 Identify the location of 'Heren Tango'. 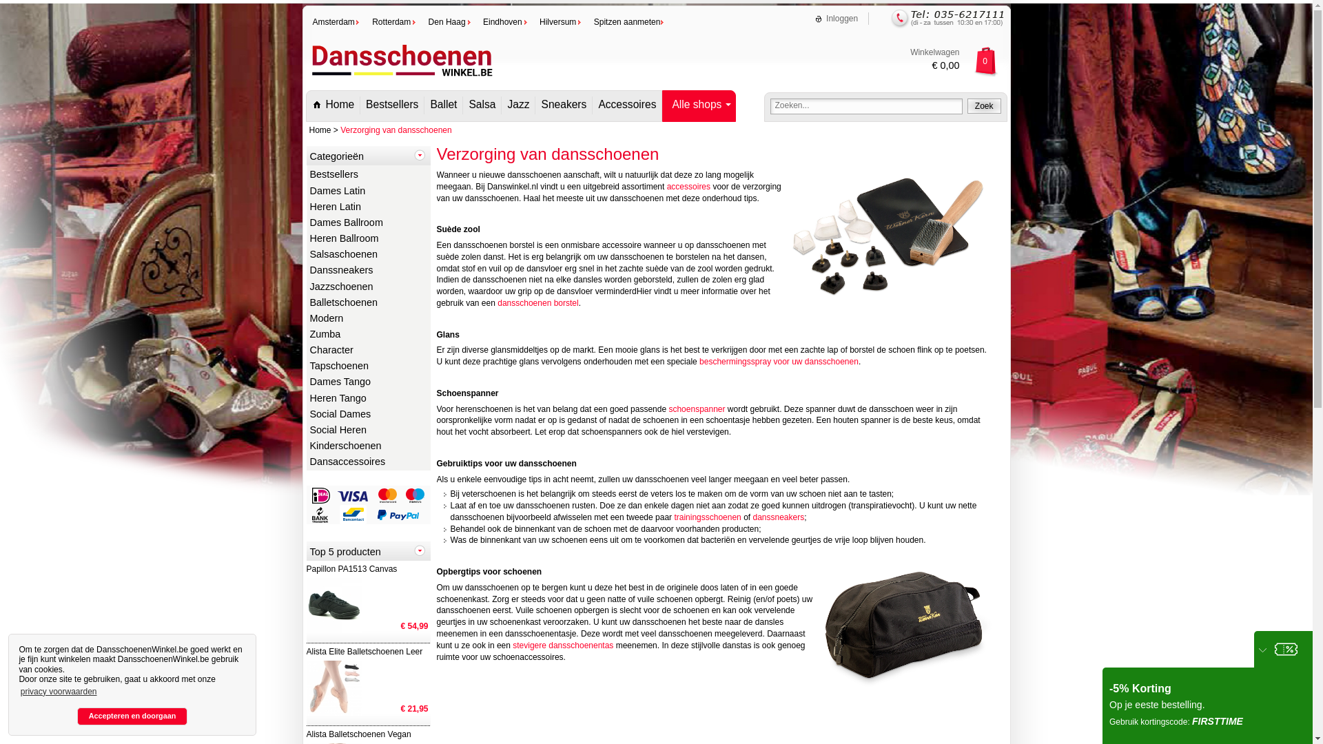
(367, 399).